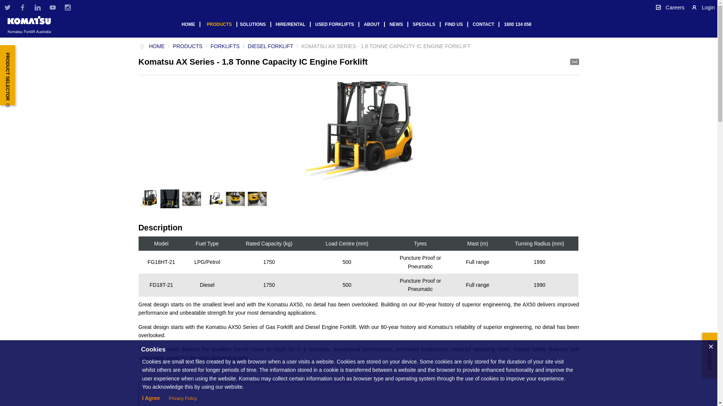 The height and width of the screenshot is (406, 723). Describe the element at coordinates (374, 24) in the screenshot. I see `'ABOUT'` at that location.